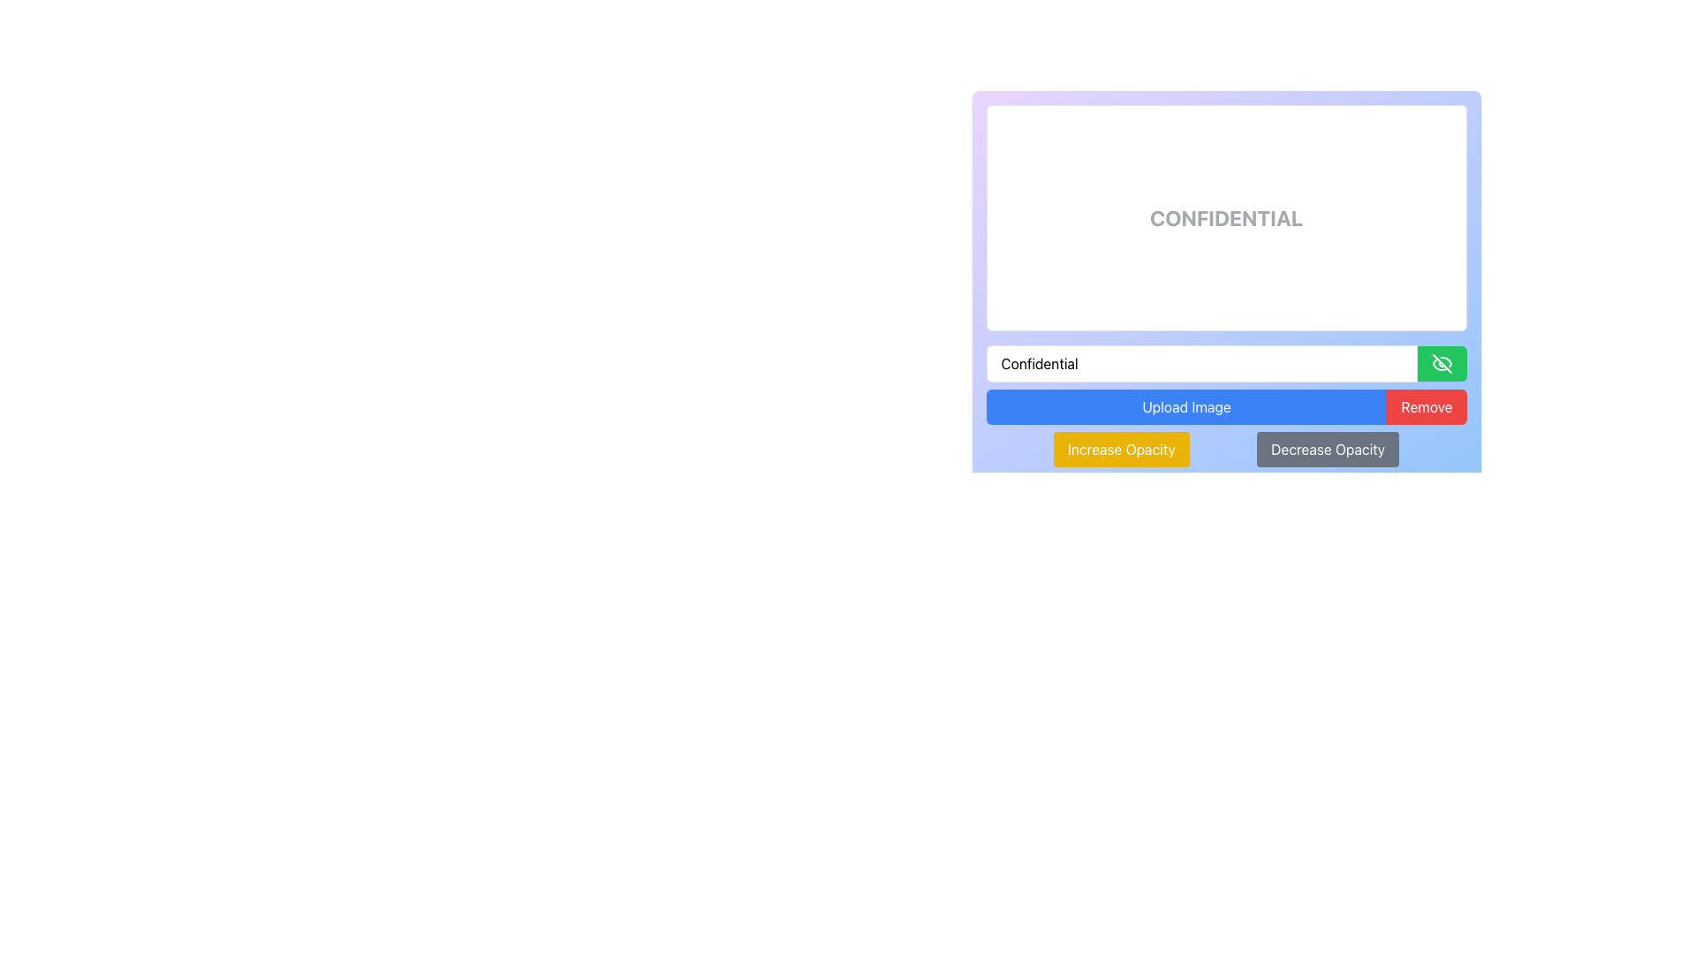  Describe the element at coordinates (1186, 407) in the screenshot. I see `the 'Upload Image' button` at that location.